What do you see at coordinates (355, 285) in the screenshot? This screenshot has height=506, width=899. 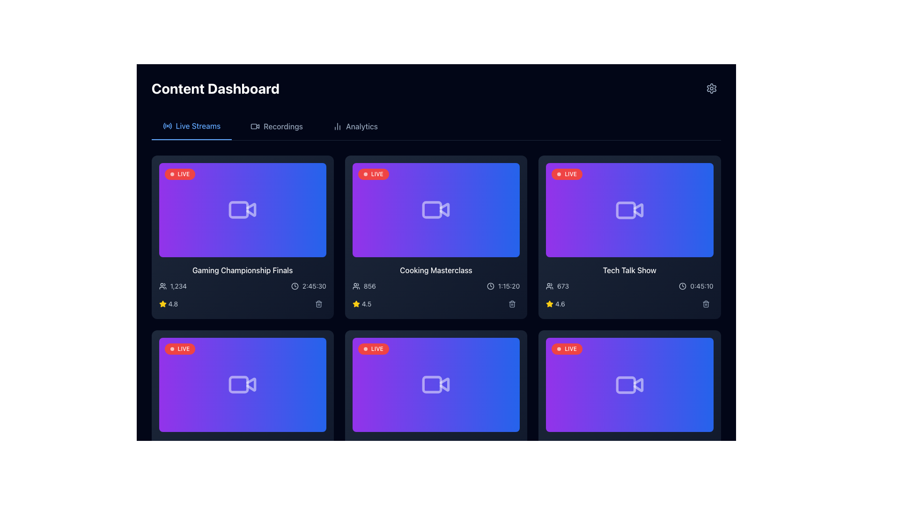 I see `the audience metric icon located in the second column of the top row of the content grid, positioned to the left of the number '856'` at bounding box center [355, 285].